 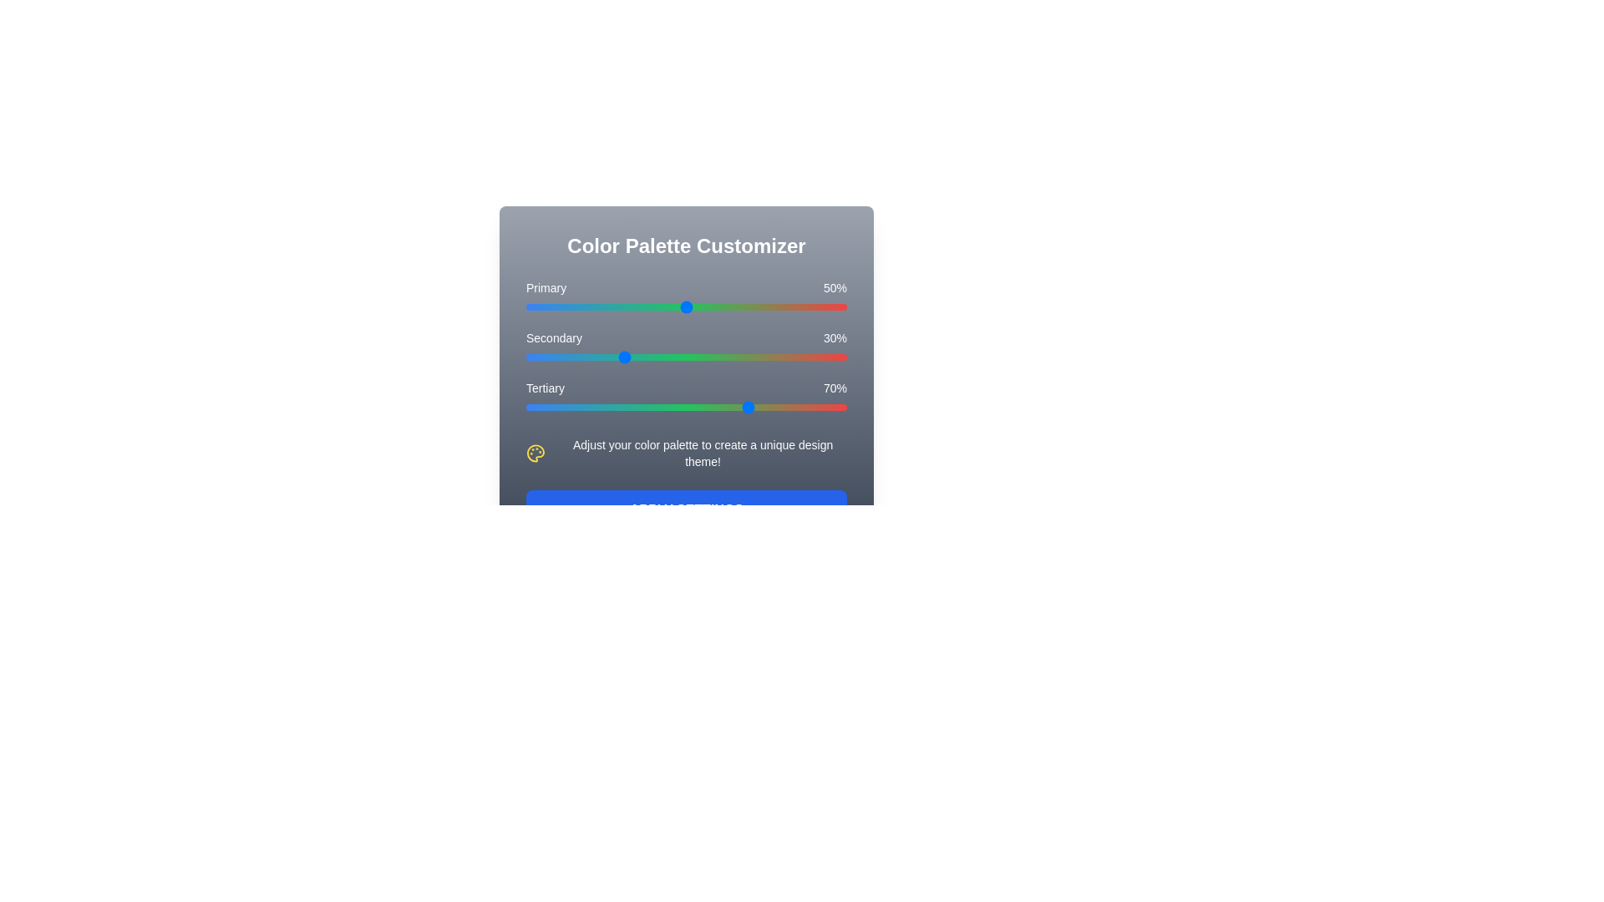 What do you see at coordinates (699, 357) in the screenshot?
I see `the slider value` at bounding box center [699, 357].